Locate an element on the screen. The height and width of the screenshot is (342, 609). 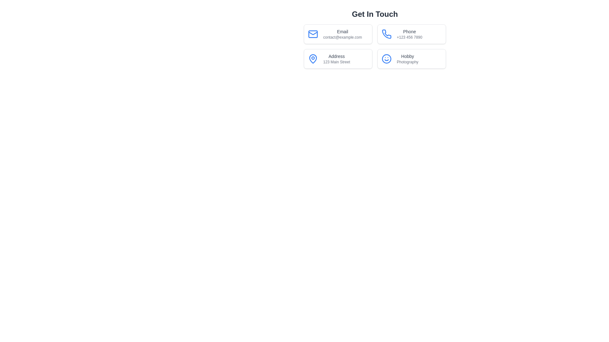
the 'Email' label, which displays the word in a clear, sans-serif font and is positioned above the email address in a contact information card is located at coordinates (342, 32).